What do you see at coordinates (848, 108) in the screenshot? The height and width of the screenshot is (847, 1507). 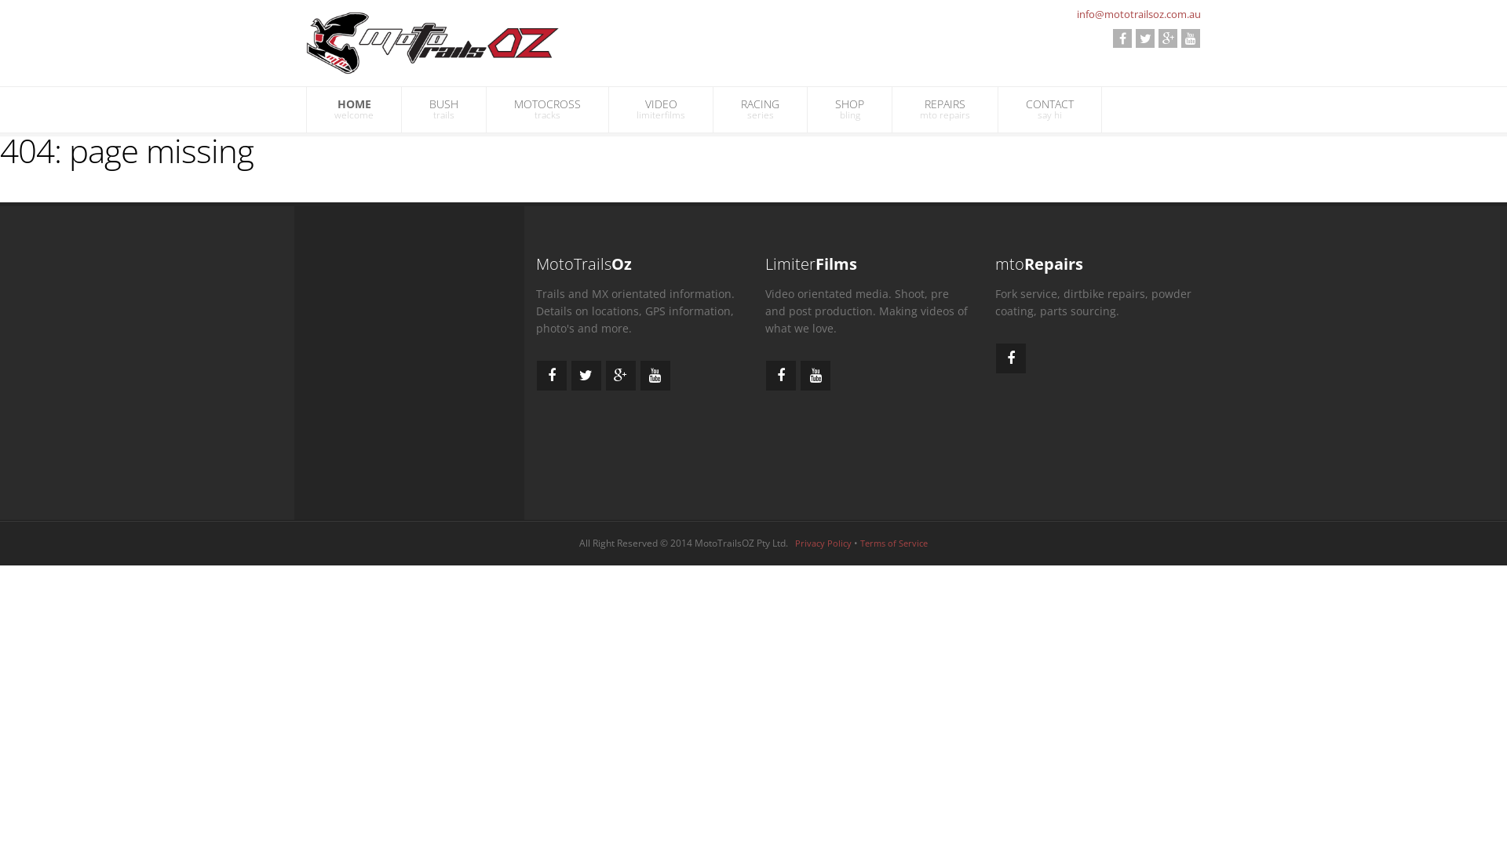 I see `'SHOP` at bounding box center [848, 108].